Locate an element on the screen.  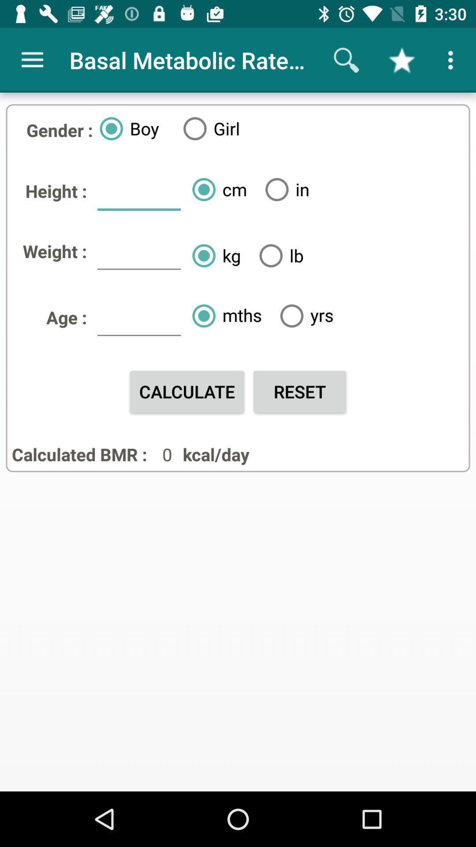
the in is located at coordinates (284, 189).